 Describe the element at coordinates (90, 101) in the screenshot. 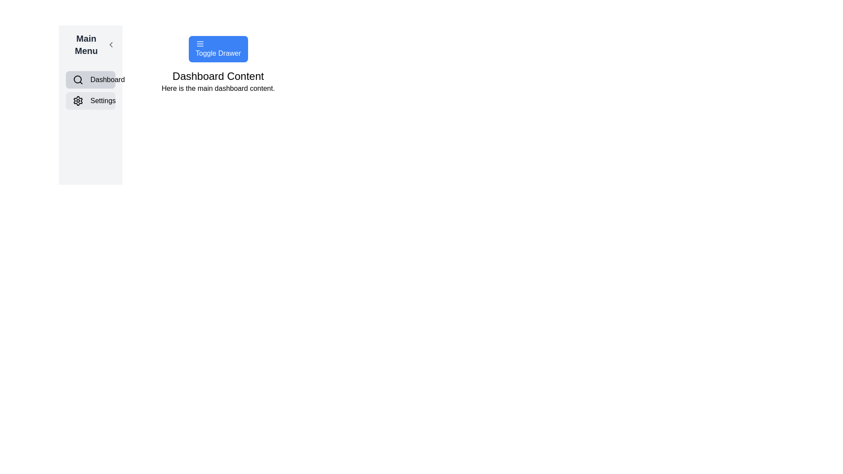

I see `the 'Settings' button with a cogwheel icon located in the vertical side menu, directly below the 'Dashboard' option` at that location.